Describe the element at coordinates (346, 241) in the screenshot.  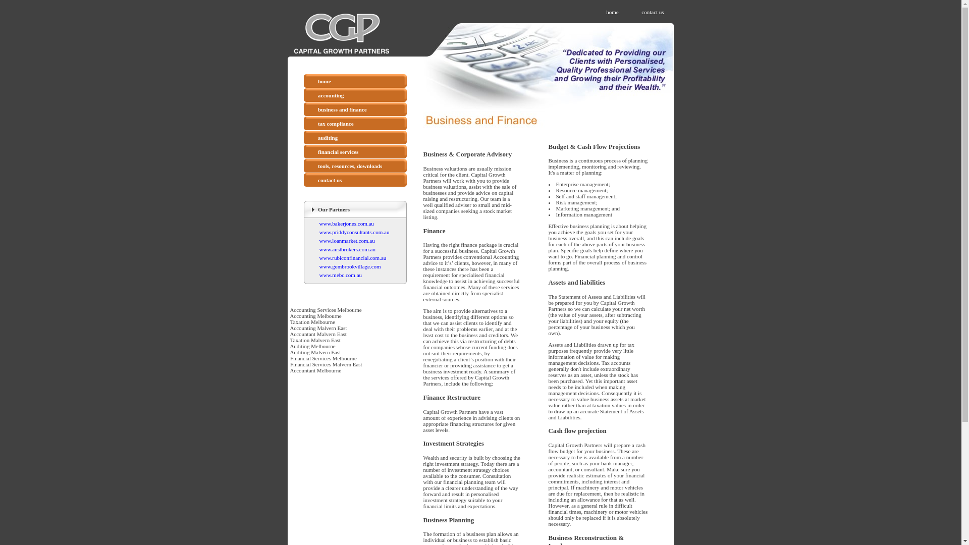
I see `'www.loanmarket.com.au'` at that location.